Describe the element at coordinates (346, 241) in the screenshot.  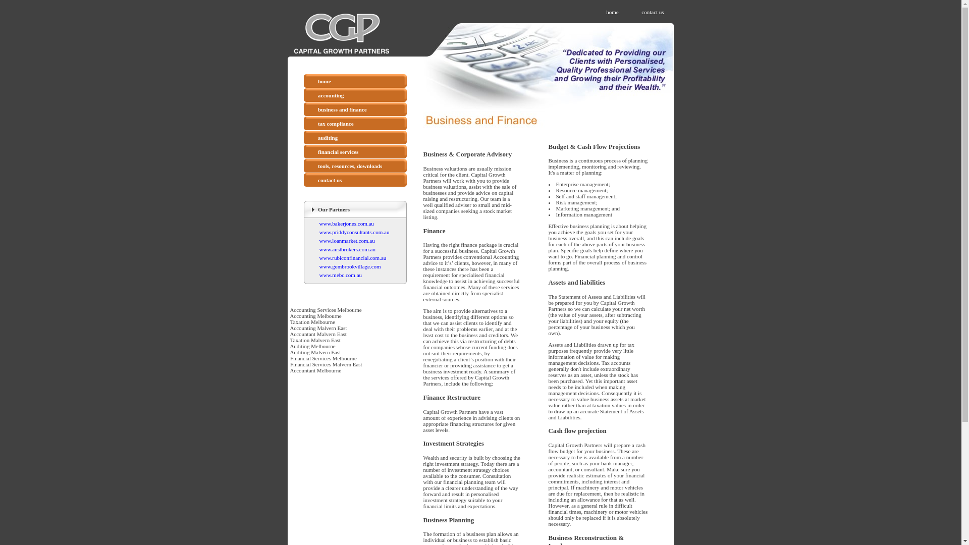
I see `'www.loanmarket.com.au'` at that location.